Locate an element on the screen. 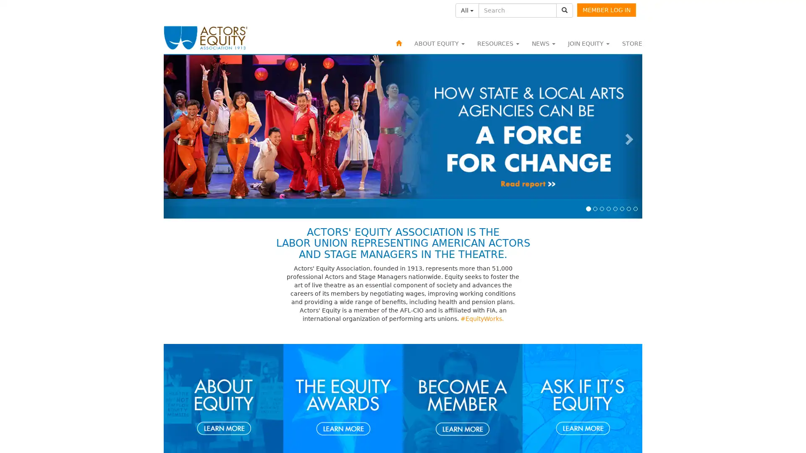  Previous is located at coordinates (175, 136).